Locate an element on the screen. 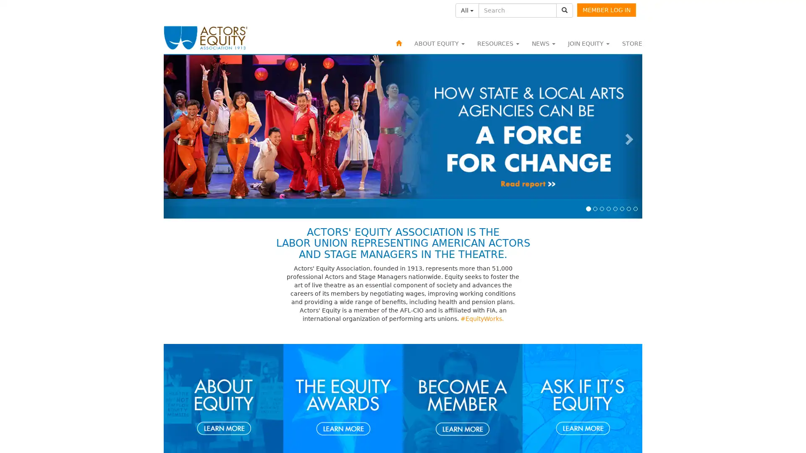  Previous is located at coordinates (175, 136).